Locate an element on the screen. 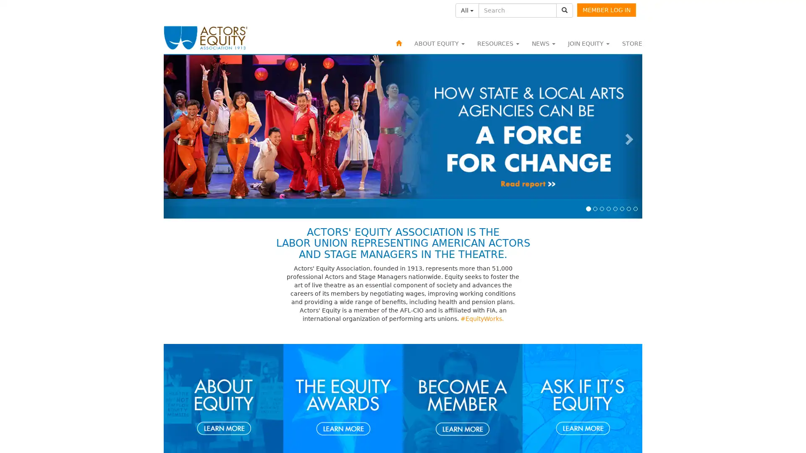  Previous is located at coordinates (175, 136).